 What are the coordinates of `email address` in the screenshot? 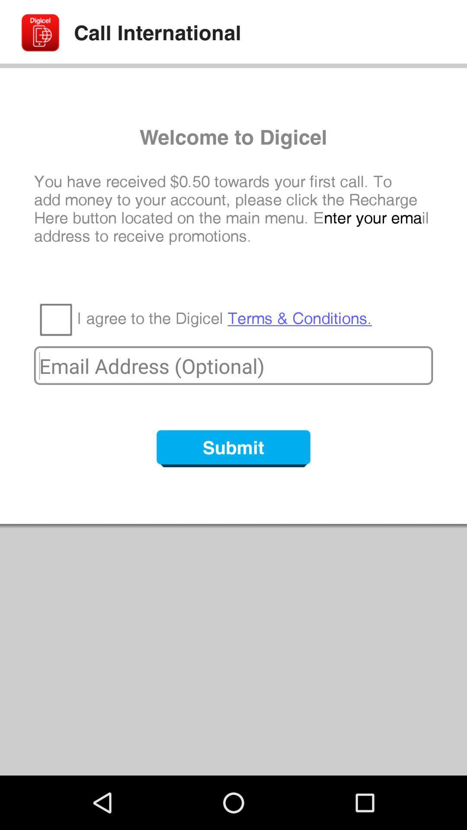 It's located at (233, 365).